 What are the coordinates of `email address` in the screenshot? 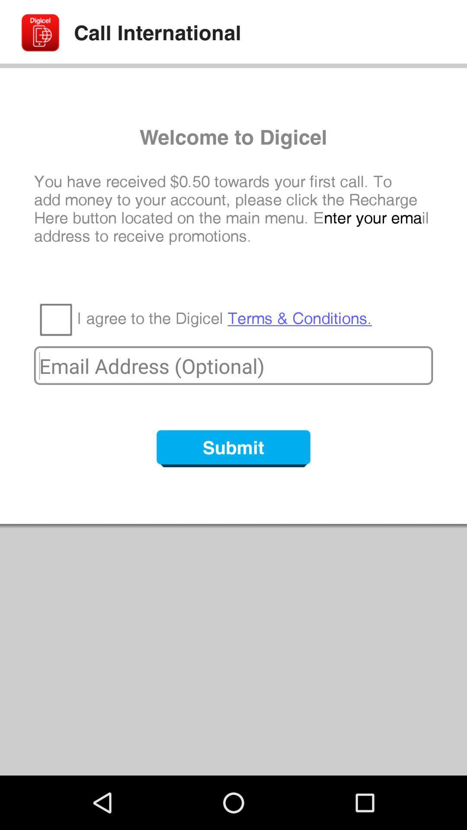 It's located at (233, 365).